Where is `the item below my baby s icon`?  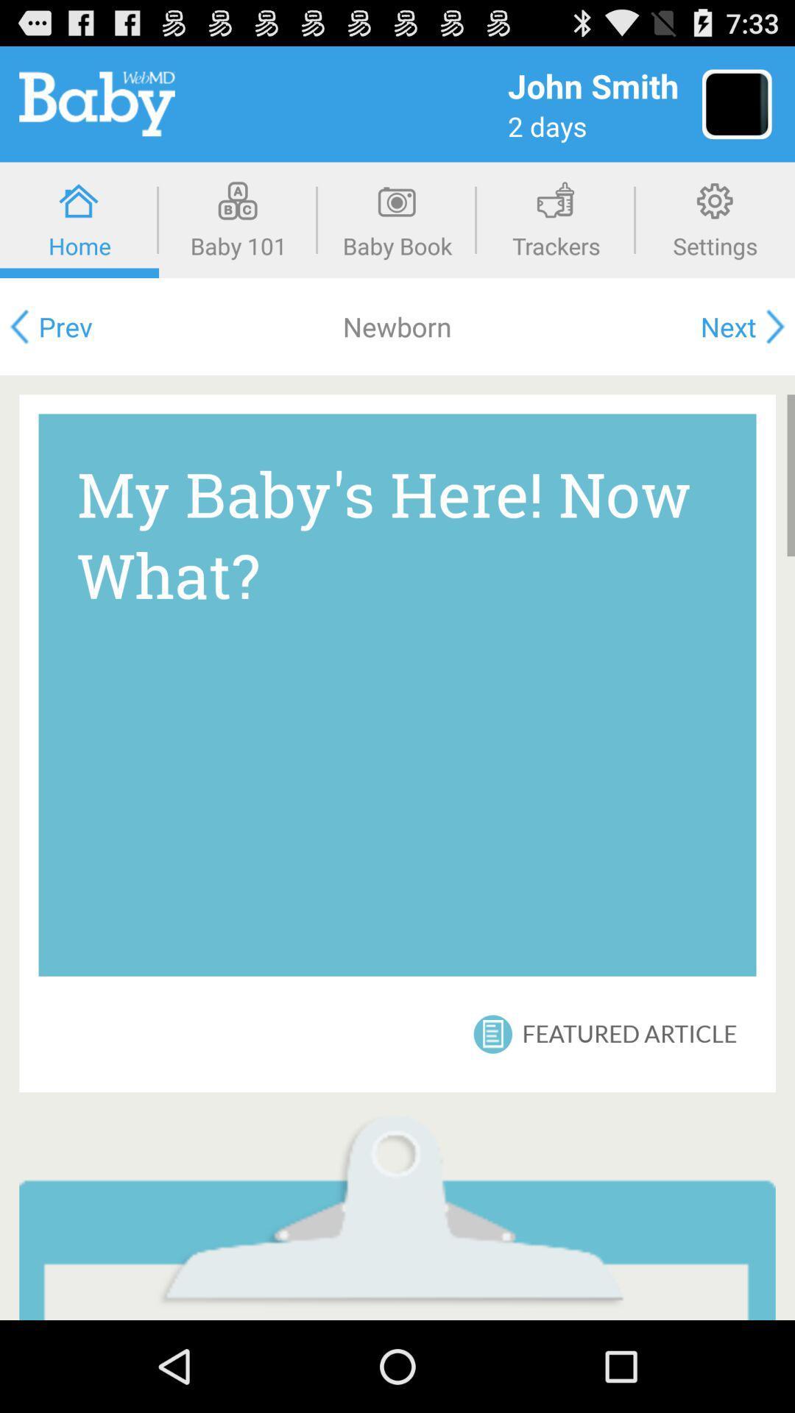
the item below my baby s icon is located at coordinates (492, 1033).